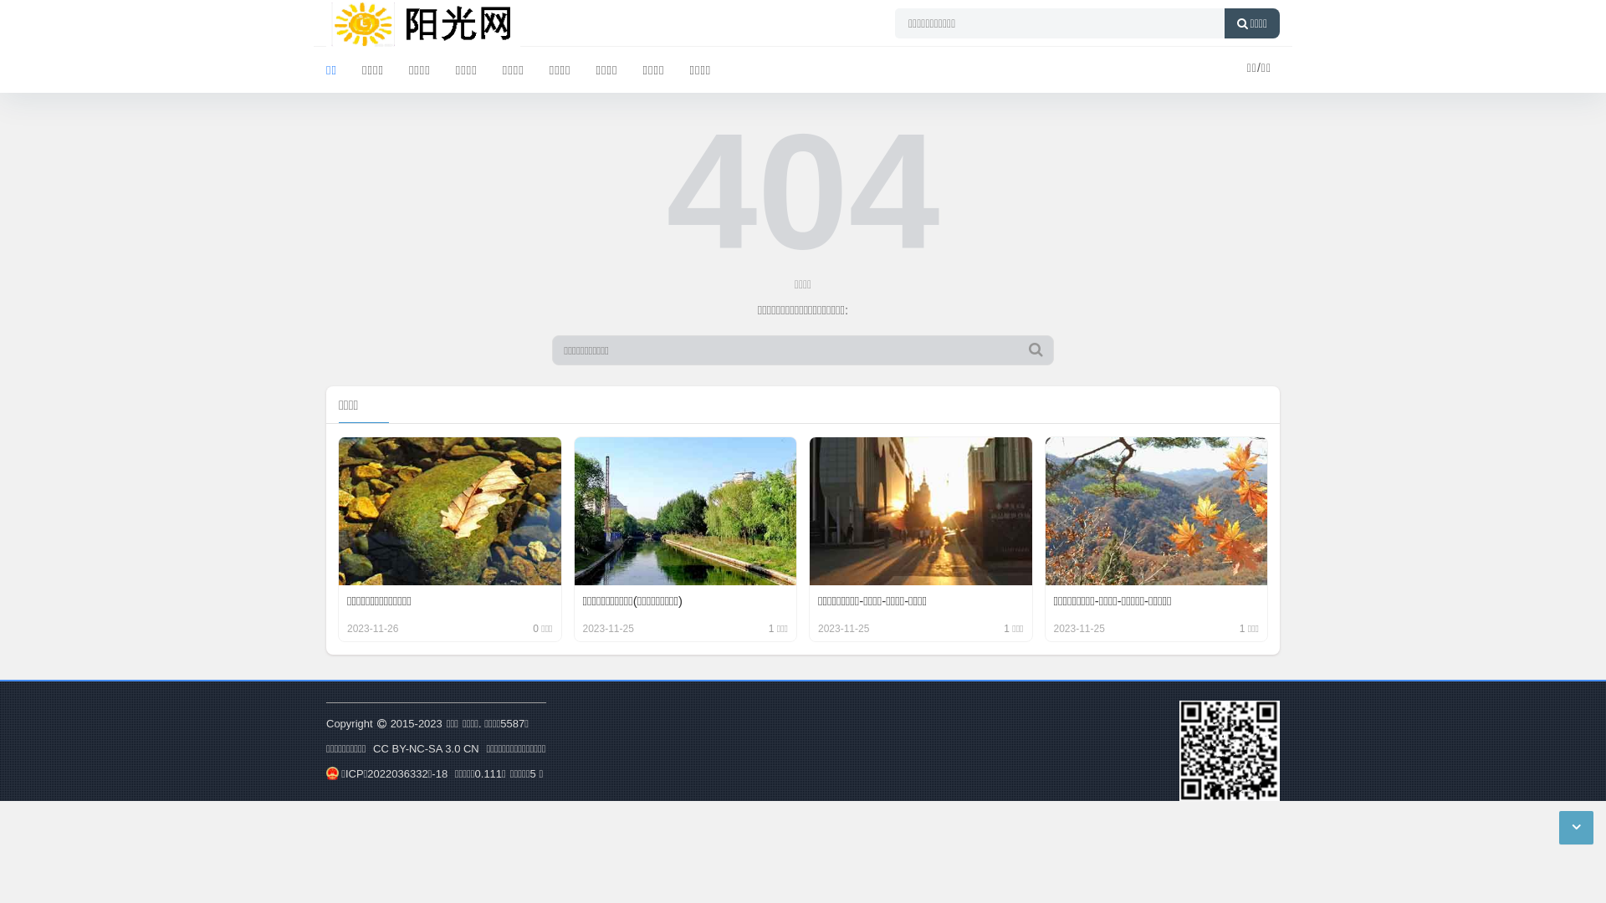 This screenshot has width=1606, height=903. Describe the element at coordinates (372, 747) in the screenshot. I see `'CC BY-NC-SA 3.0 CN'` at that location.